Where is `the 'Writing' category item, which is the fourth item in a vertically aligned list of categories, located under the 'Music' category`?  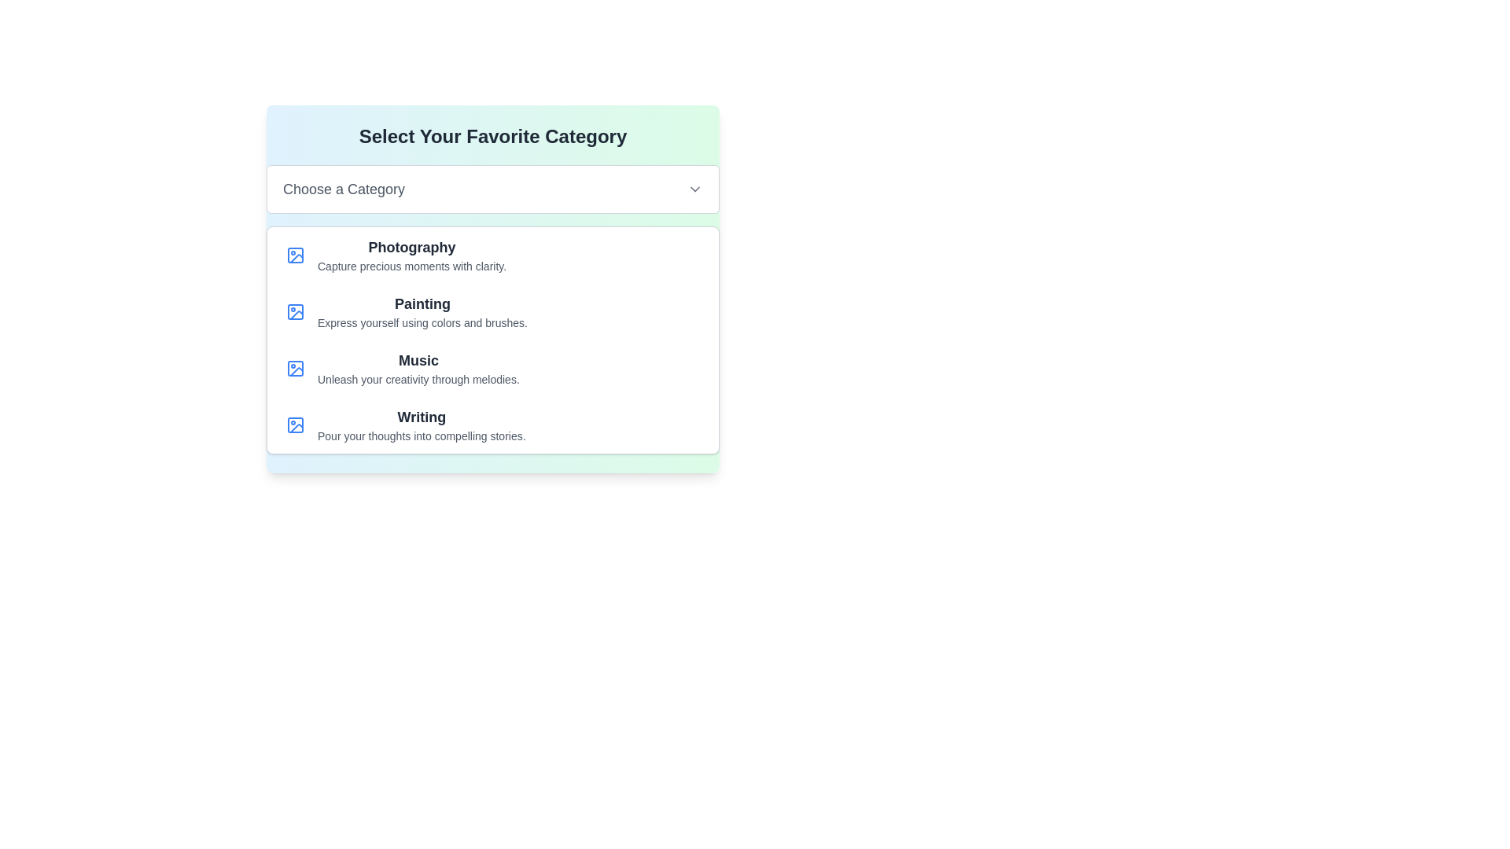 the 'Writing' category item, which is the fourth item in a vertically aligned list of categories, located under the 'Music' category is located at coordinates (422, 424).